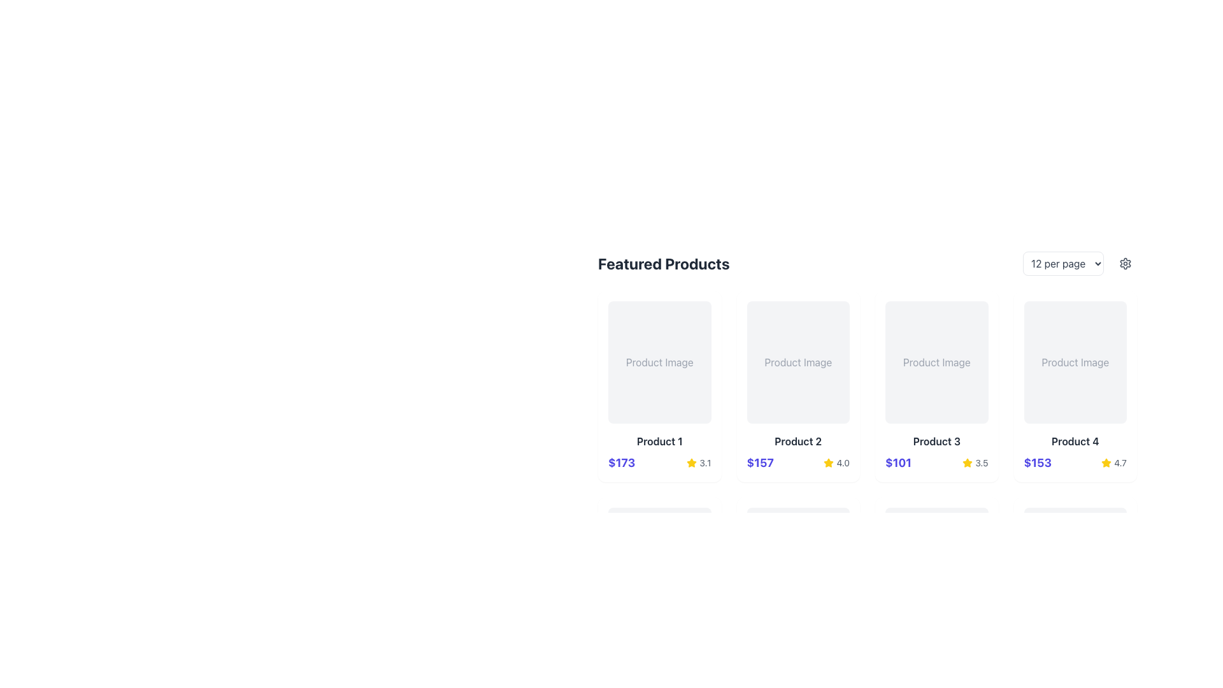 This screenshot has width=1223, height=688. Describe the element at coordinates (1106, 462) in the screenshot. I see `the star icon with a yellow fill and outline, which represents a rating of 4.7, located in the fourth product card, next to the text '4.7'` at that location.